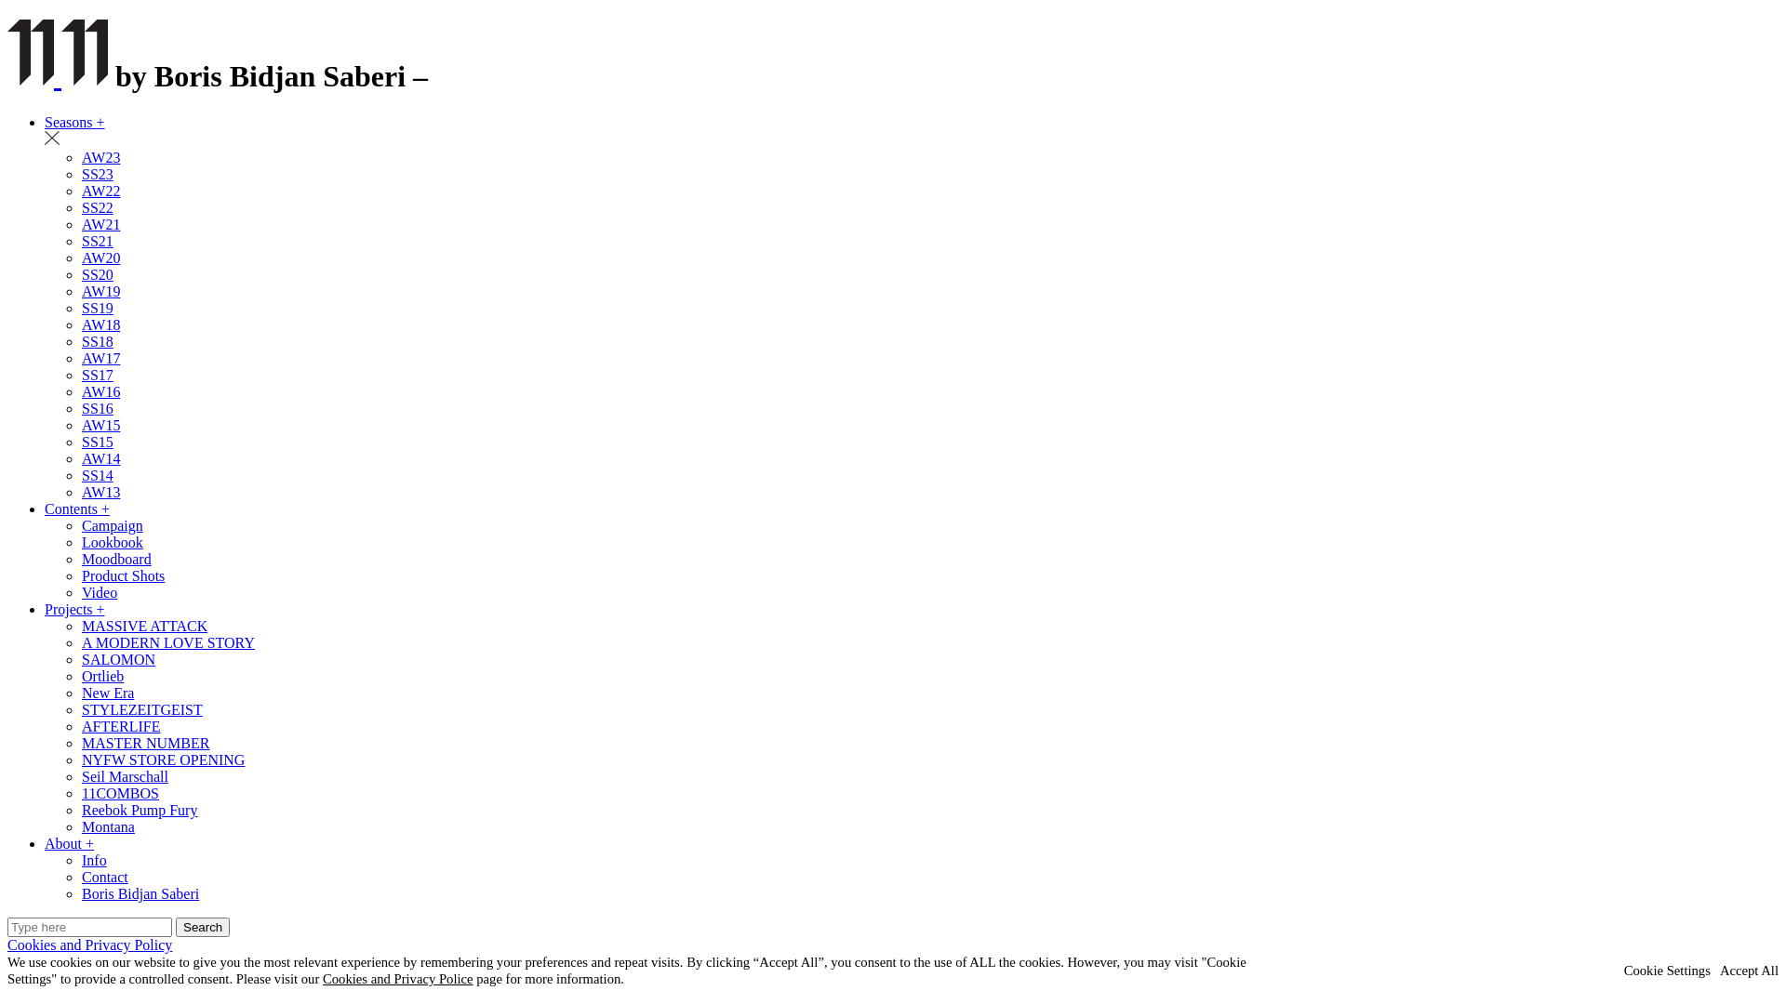  Describe the element at coordinates (141, 709) in the screenshot. I see `'STYLEZEITGEIST'` at that location.